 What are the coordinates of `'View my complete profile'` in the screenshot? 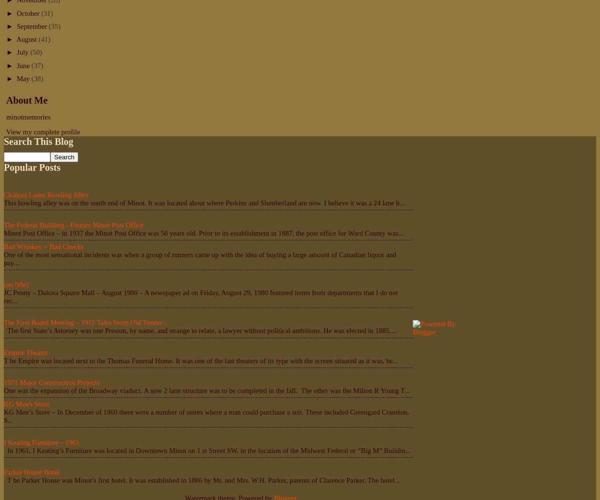 It's located at (43, 131).